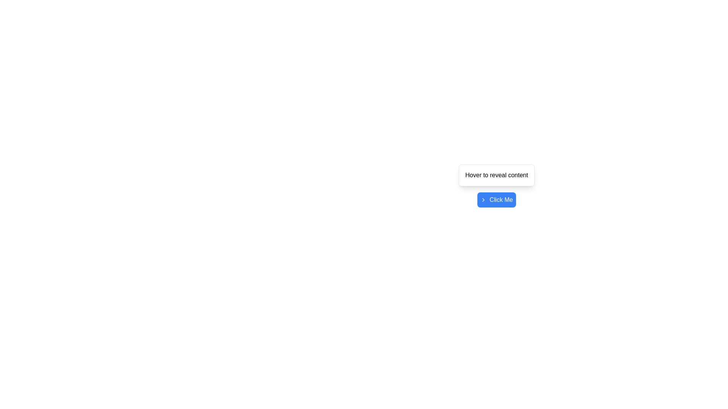 Image resolution: width=728 pixels, height=409 pixels. Describe the element at coordinates (483, 200) in the screenshot. I see `the chevron icon located inside the 'Click Me' button, which is positioned near the lower right of the interface` at that location.